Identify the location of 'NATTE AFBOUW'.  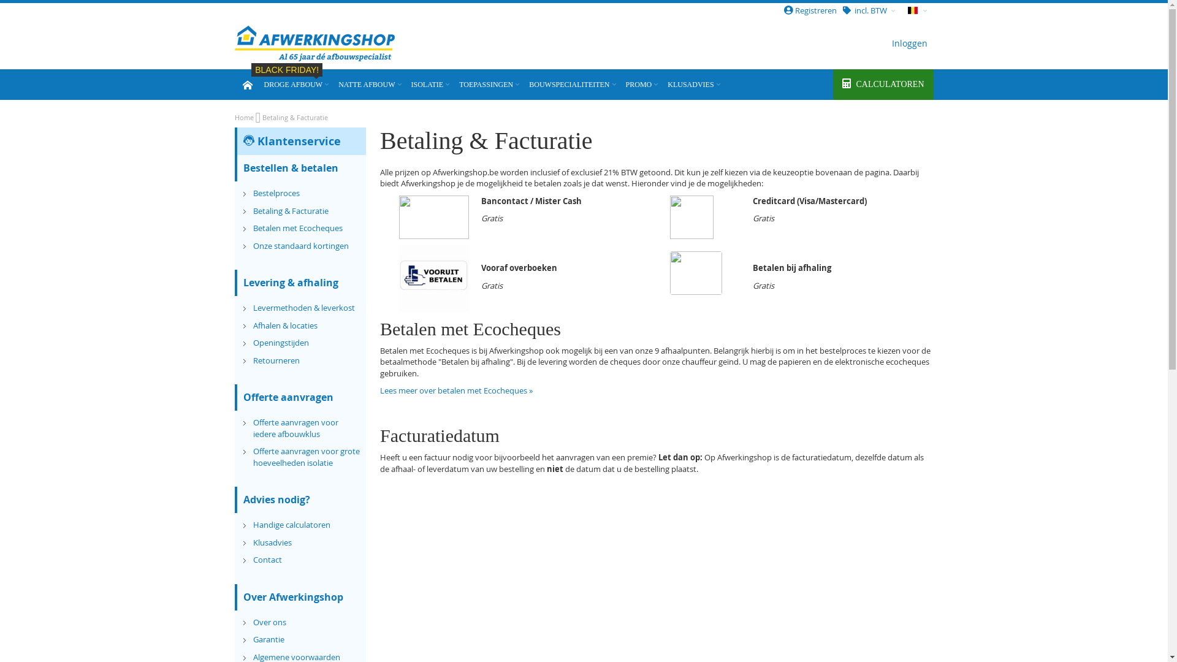
(370, 84).